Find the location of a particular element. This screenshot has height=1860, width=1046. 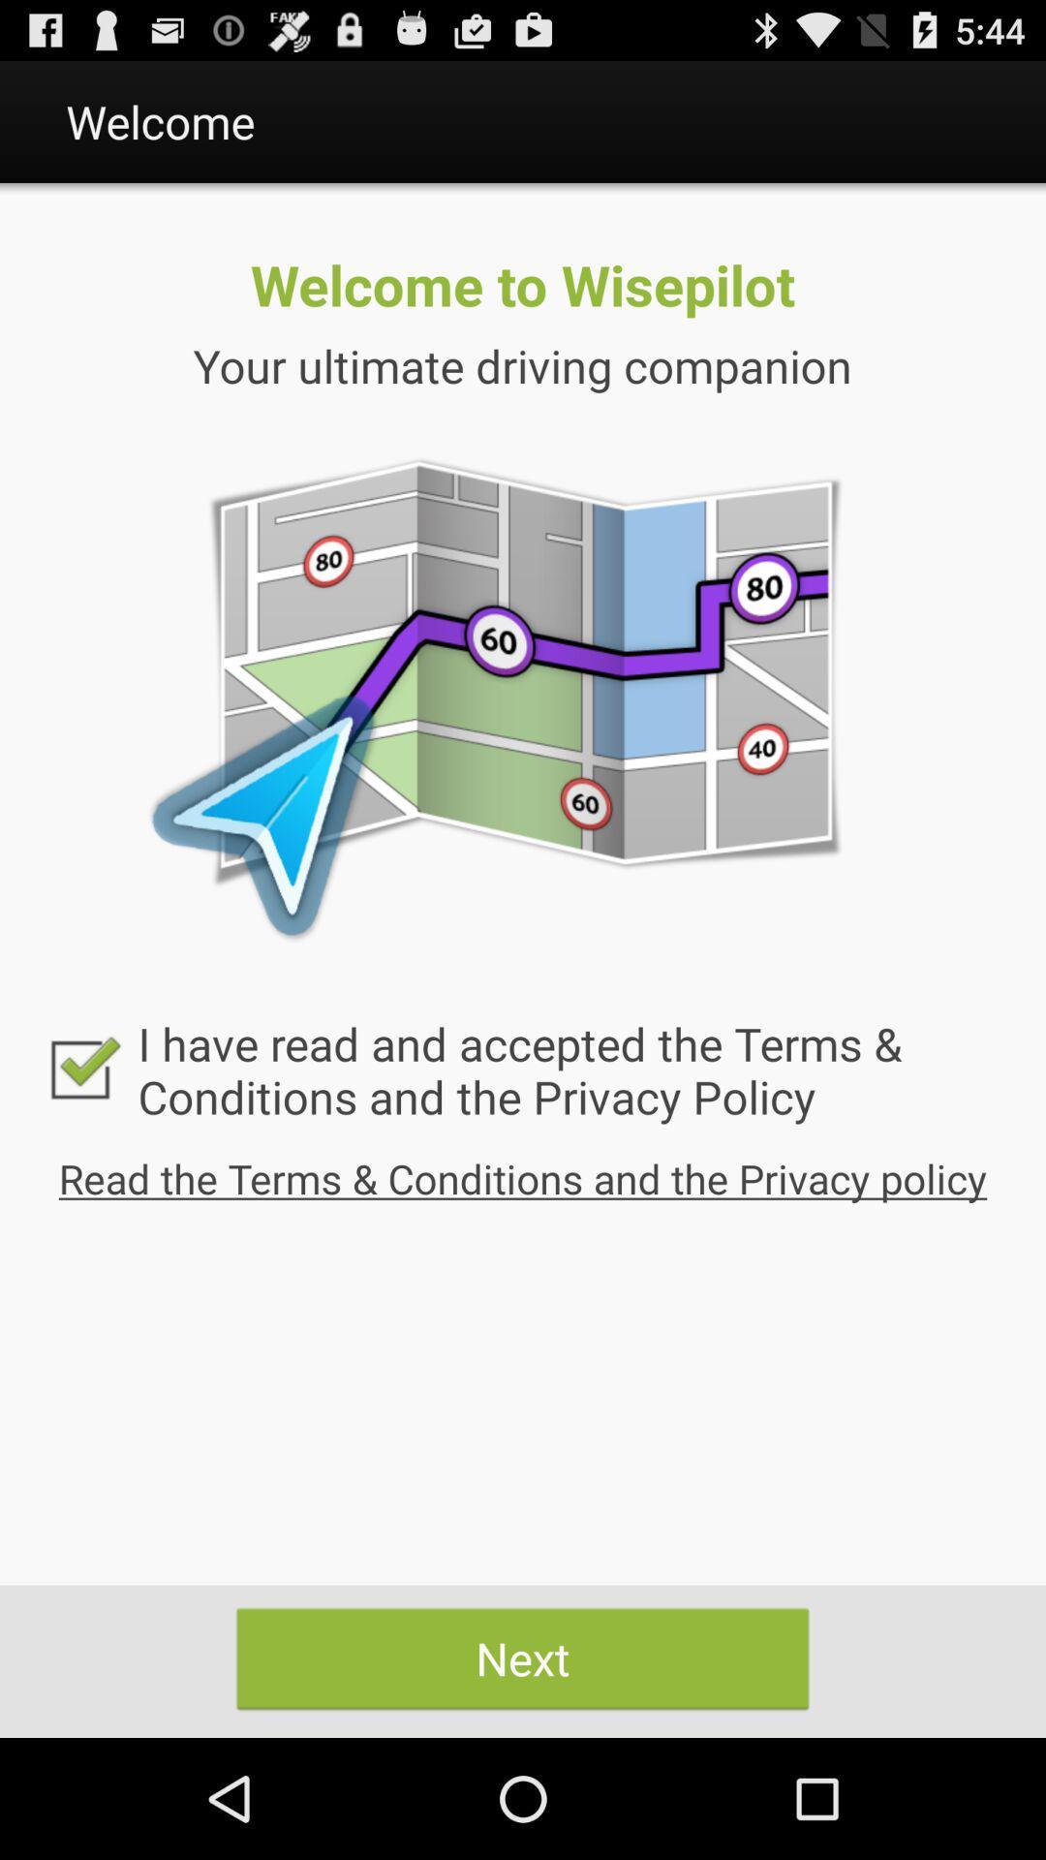

icon at the bottom is located at coordinates (523, 1658).